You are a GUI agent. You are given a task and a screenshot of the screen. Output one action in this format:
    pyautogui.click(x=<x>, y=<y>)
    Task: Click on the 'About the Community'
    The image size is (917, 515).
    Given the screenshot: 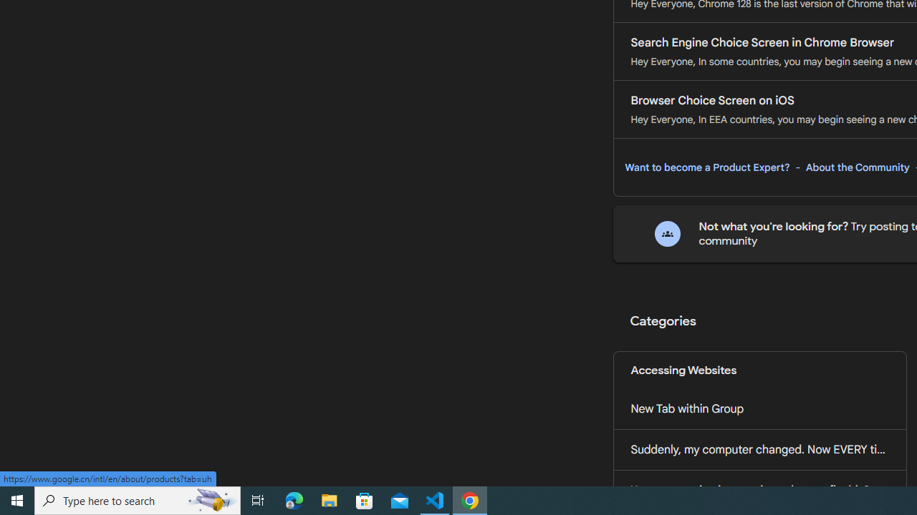 What is the action you would take?
    pyautogui.click(x=858, y=167)
    